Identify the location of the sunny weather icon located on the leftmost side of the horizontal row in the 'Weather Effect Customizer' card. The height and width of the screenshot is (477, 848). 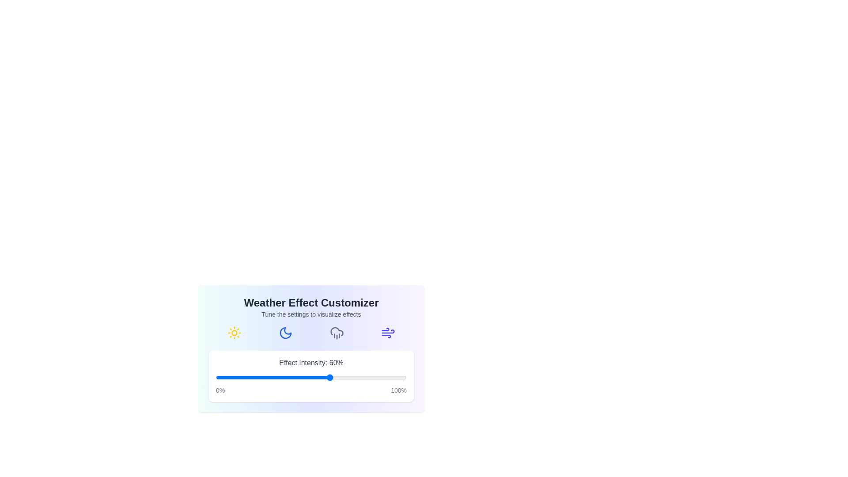
(235, 333).